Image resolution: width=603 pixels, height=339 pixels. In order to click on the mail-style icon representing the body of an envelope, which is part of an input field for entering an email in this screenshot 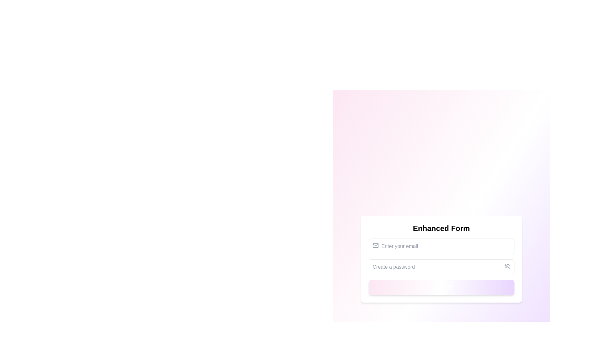, I will do `click(375, 245)`.